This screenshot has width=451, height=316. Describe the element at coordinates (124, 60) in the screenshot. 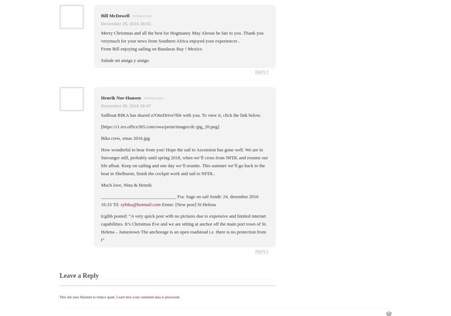

I see `'Salude mi amiga y amigo'` at that location.